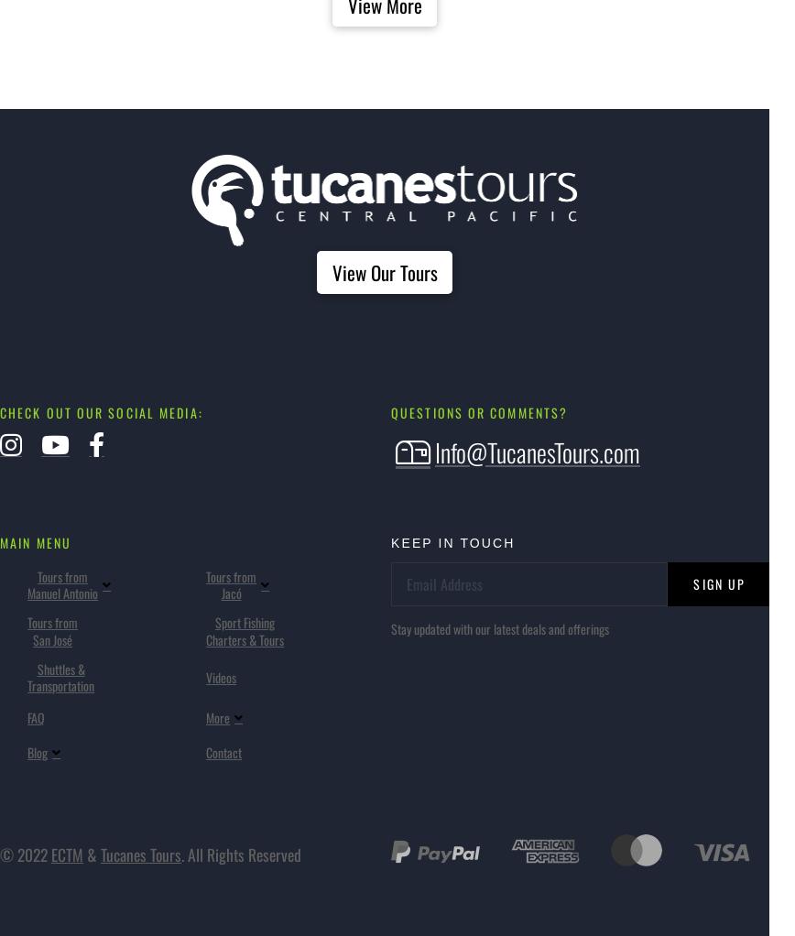  Describe the element at coordinates (258, 528) in the screenshot. I see `'Gallery'` at that location.